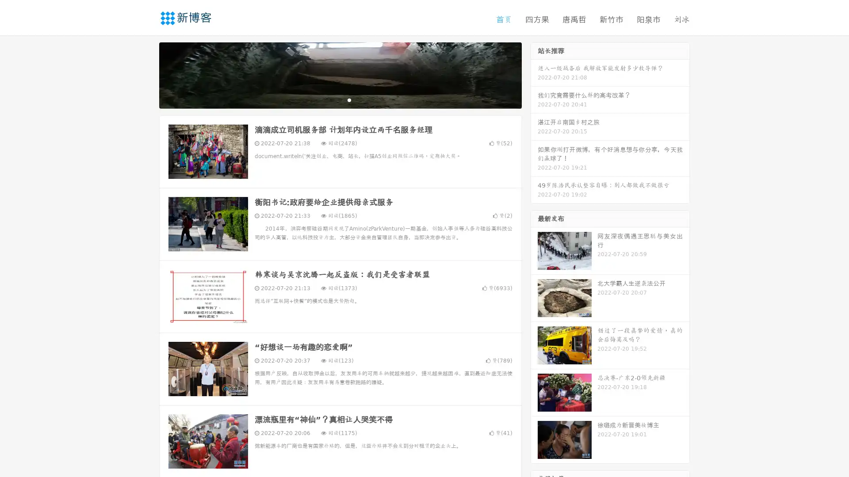  I want to click on Go to slide 2, so click(340, 99).